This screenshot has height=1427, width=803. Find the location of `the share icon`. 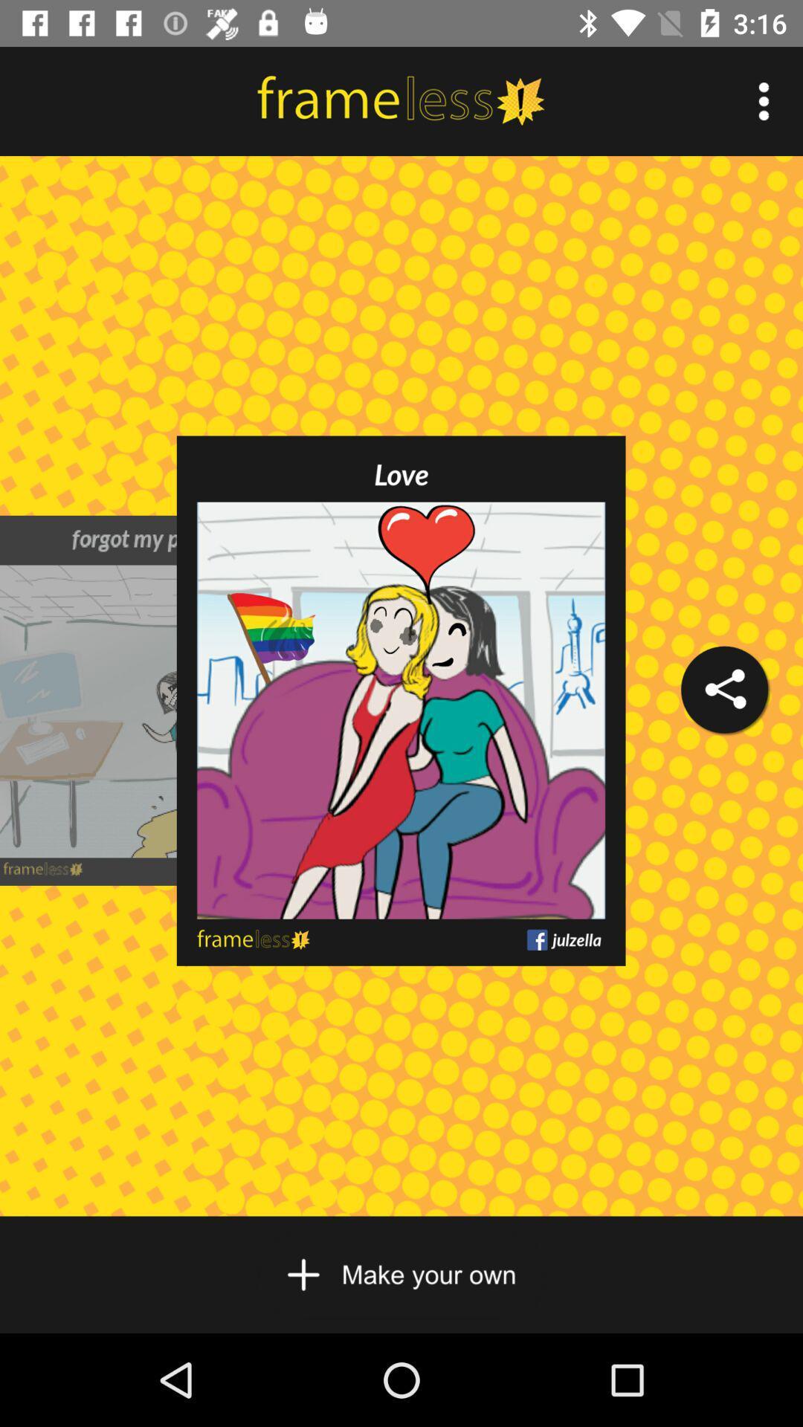

the share icon is located at coordinates (723, 689).